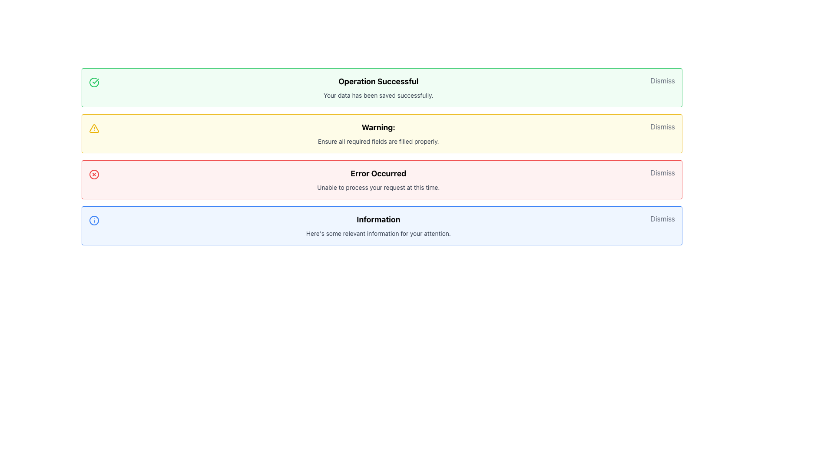 This screenshot has width=834, height=469. Describe the element at coordinates (94, 129) in the screenshot. I see `the warning icon located in the second row of messages with a light yellow background, positioned to the left of the text content` at that location.